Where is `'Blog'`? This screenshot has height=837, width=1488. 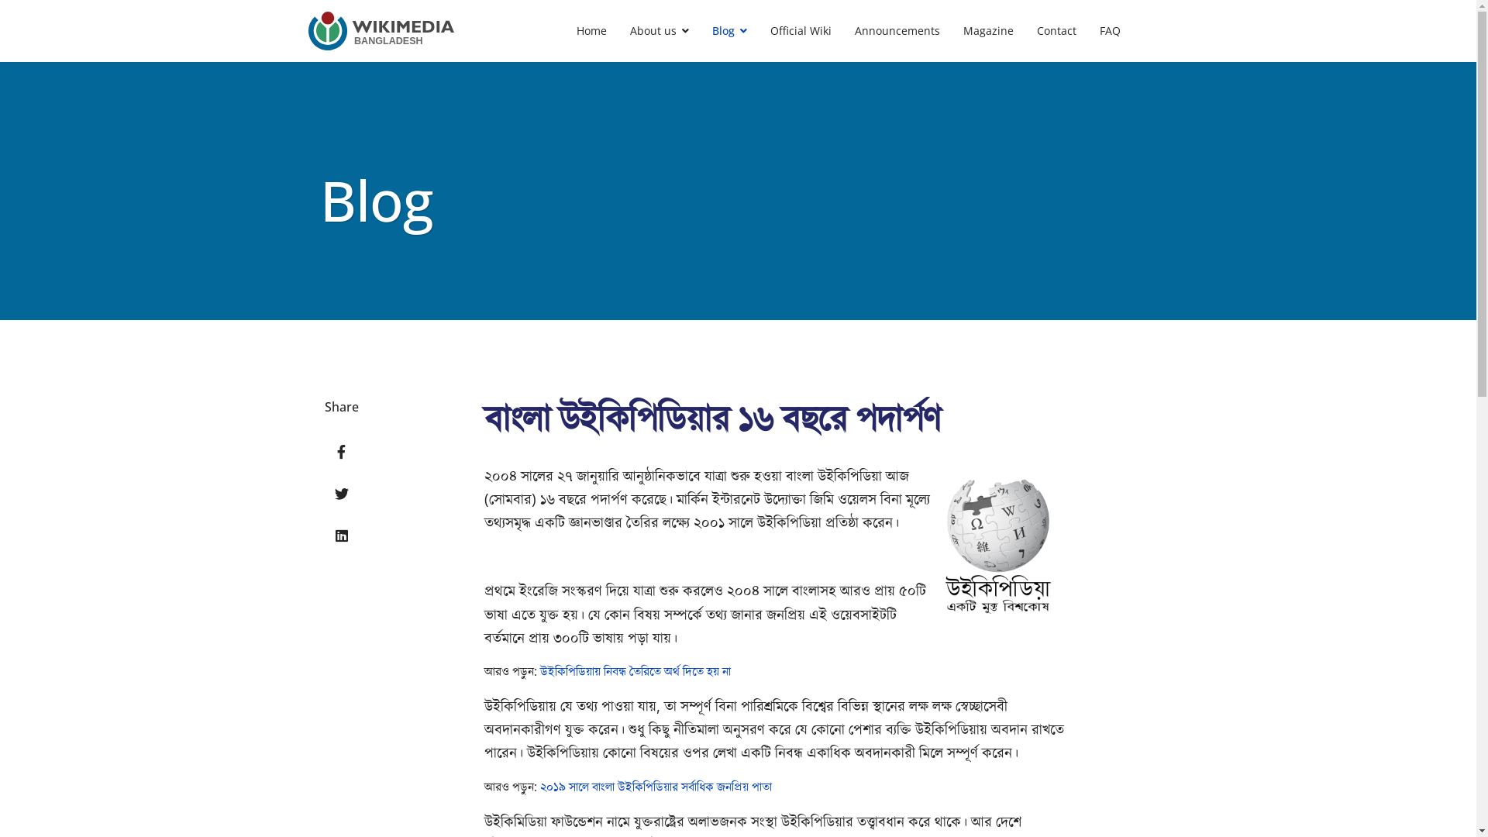
'Blog' is located at coordinates (728, 30).